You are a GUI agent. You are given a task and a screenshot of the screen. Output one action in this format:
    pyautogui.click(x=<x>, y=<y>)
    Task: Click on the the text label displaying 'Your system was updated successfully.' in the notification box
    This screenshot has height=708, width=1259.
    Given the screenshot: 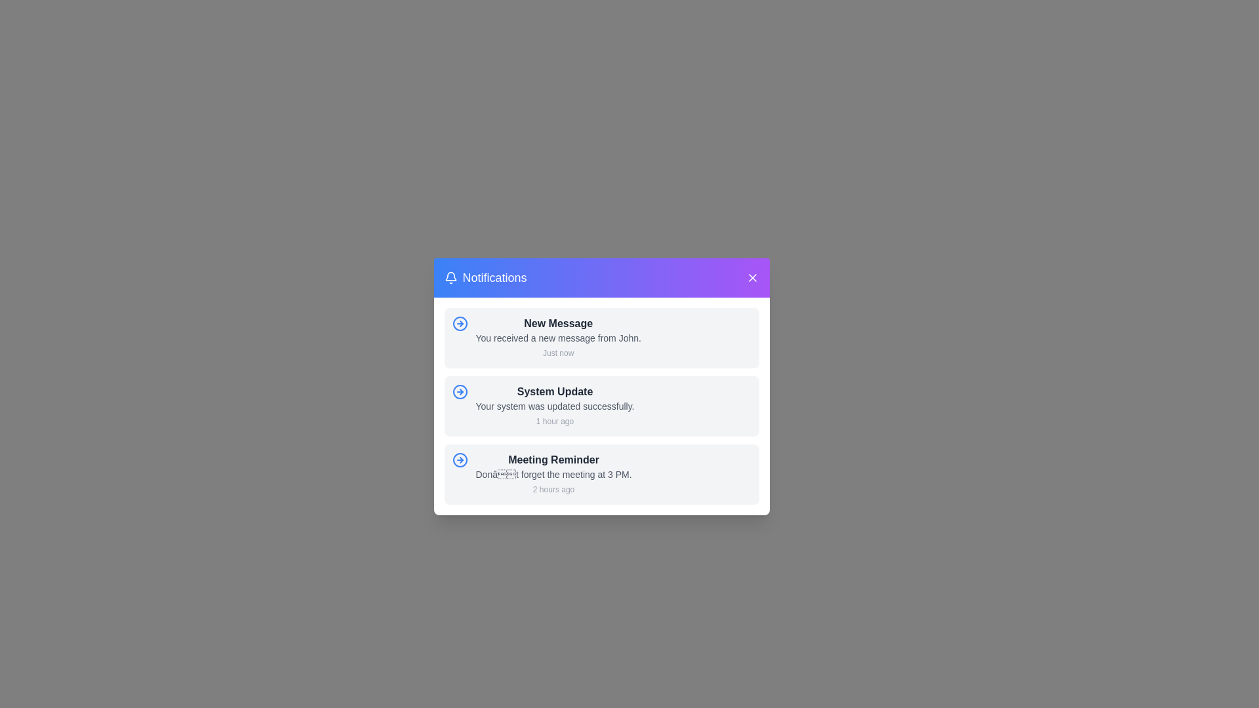 What is the action you would take?
    pyautogui.click(x=555, y=406)
    